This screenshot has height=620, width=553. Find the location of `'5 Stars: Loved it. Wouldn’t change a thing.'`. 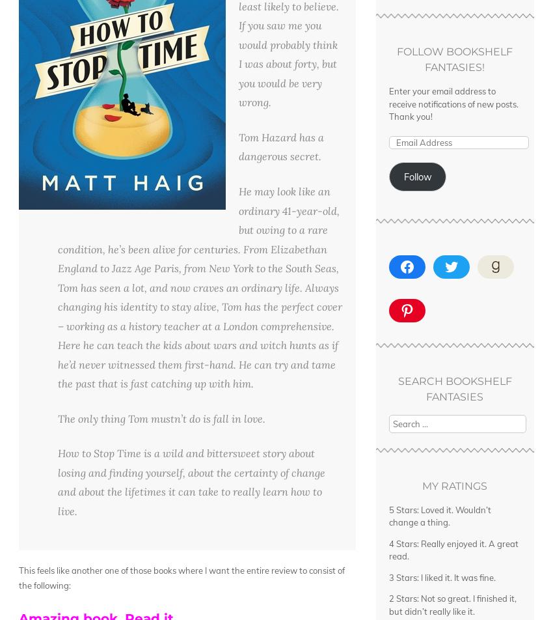

'5 Stars: Loved it. Wouldn’t change a thing.' is located at coordinates (388, 515).